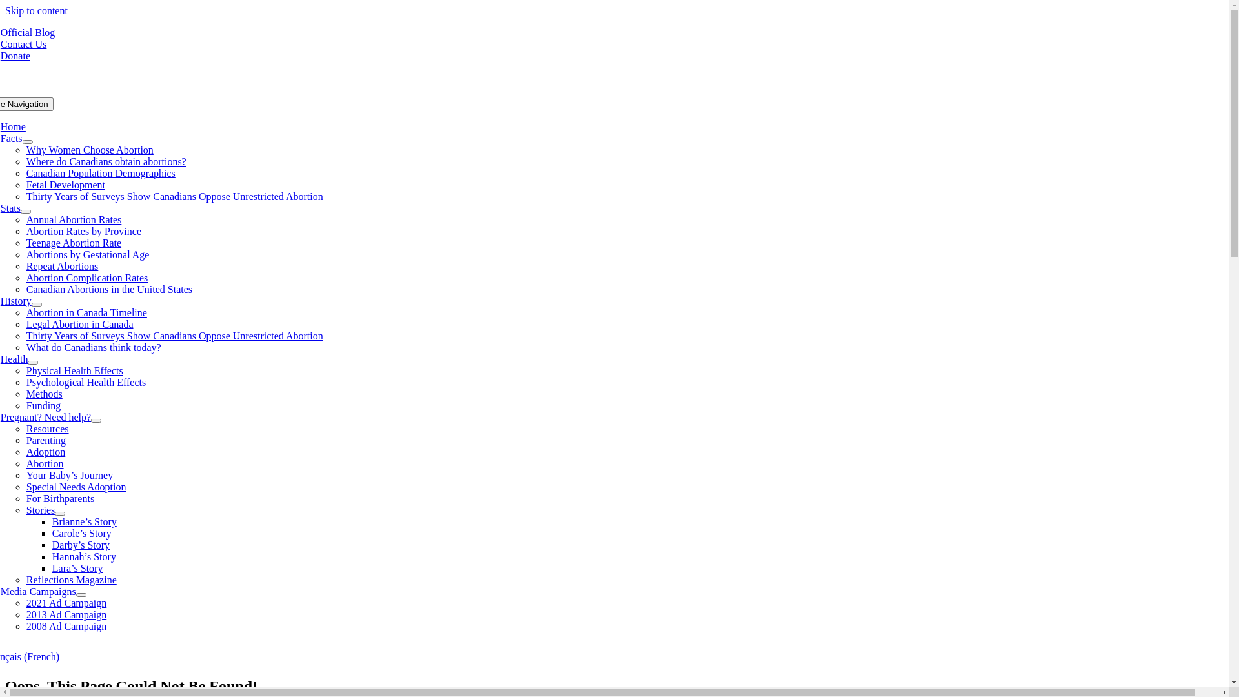 Image resolution: width=1239 pixels, height=697 pixels. I want to click on 'Funding', so click(43, 405).